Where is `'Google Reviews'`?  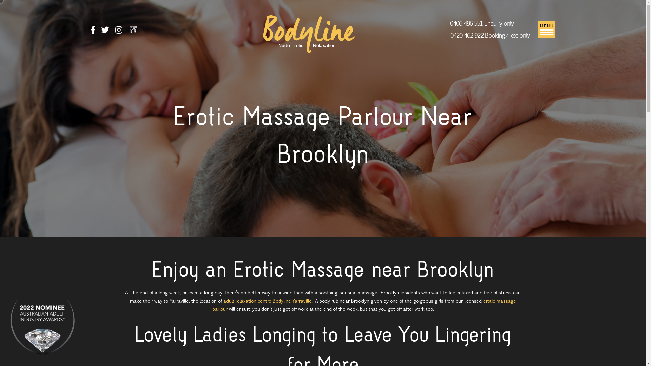 'Google Reviews' is located at coordinates (133, 29).